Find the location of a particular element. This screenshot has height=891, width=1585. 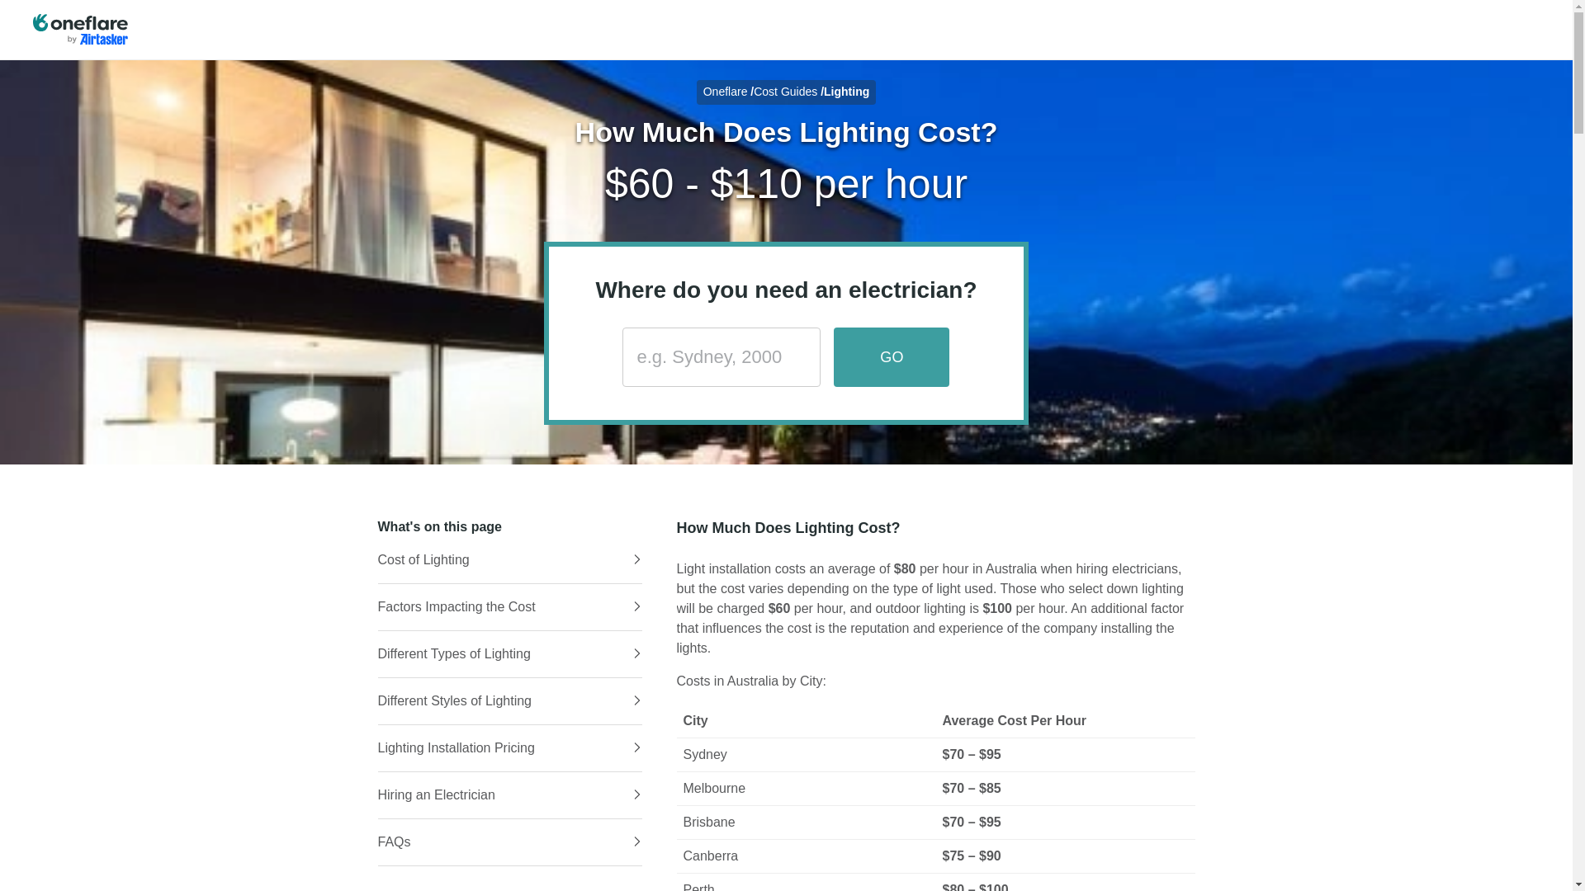

'Cost Guides' is located at coordinates (784, 92).